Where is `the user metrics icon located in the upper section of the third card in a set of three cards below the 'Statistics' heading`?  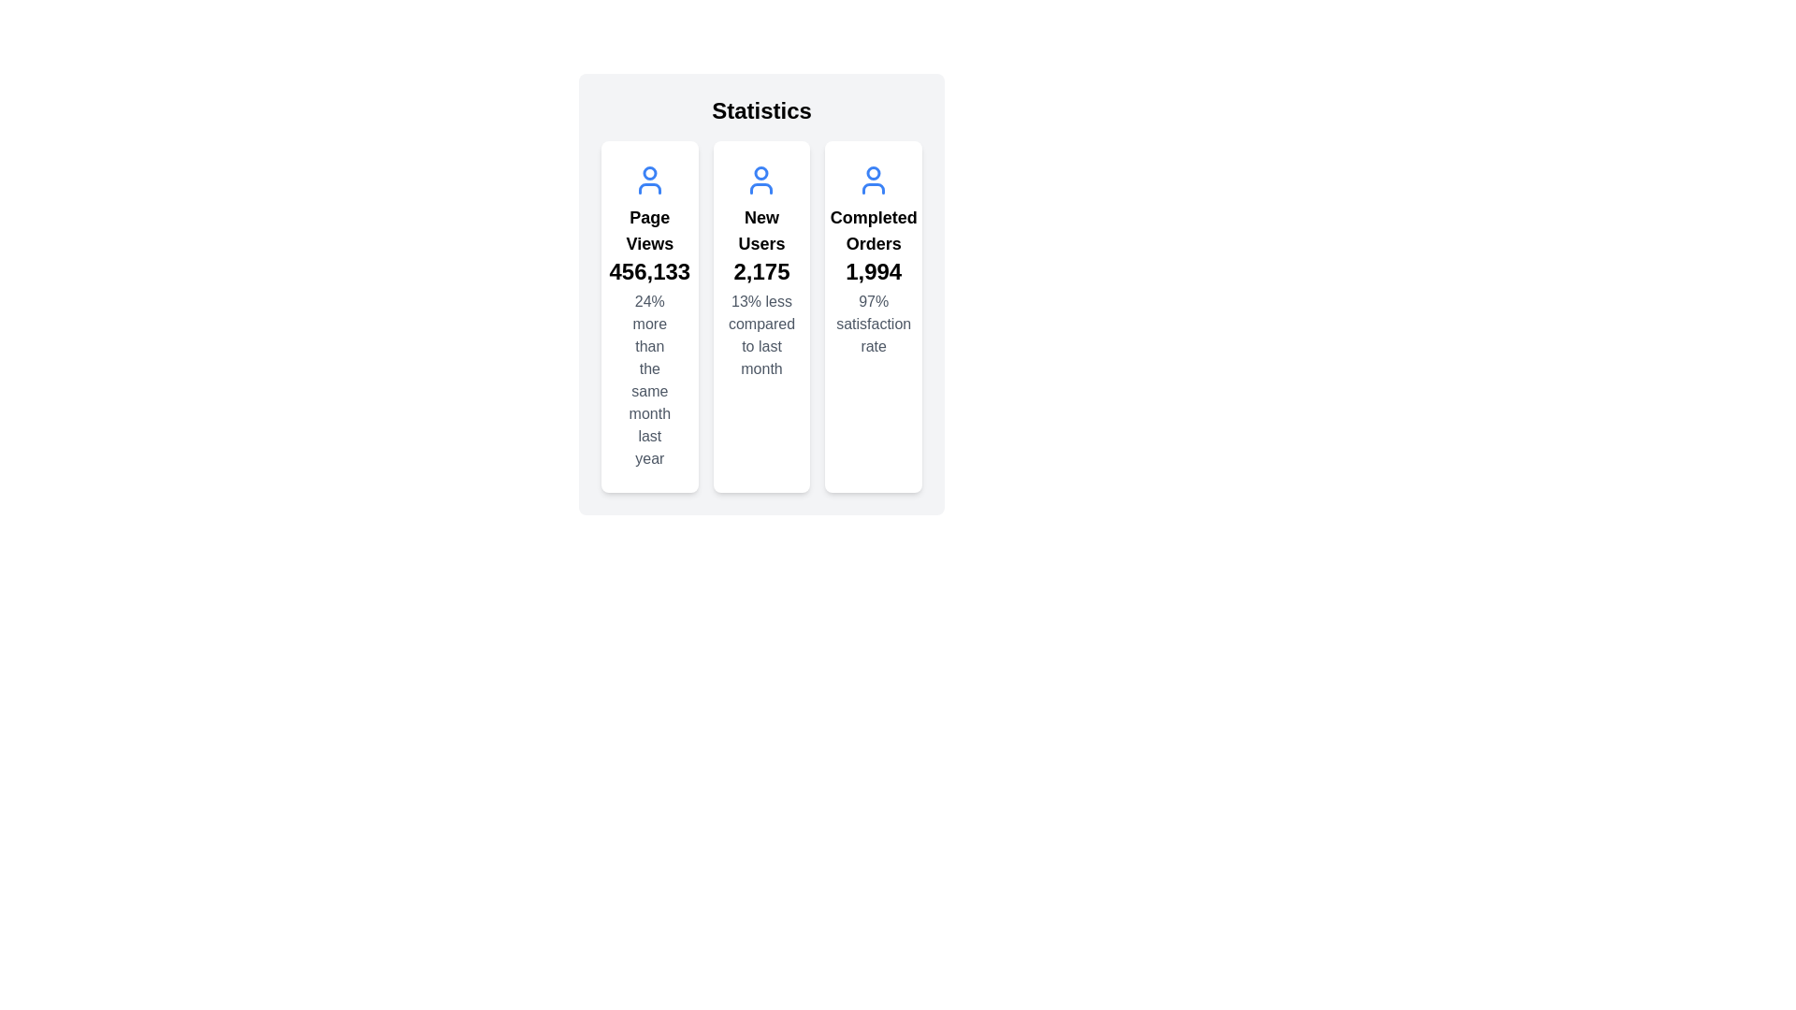 the user metrics icon located in the upper section of the third card in a set of three cards below the 'Statistics' heading is located at coordinates (873, 180).